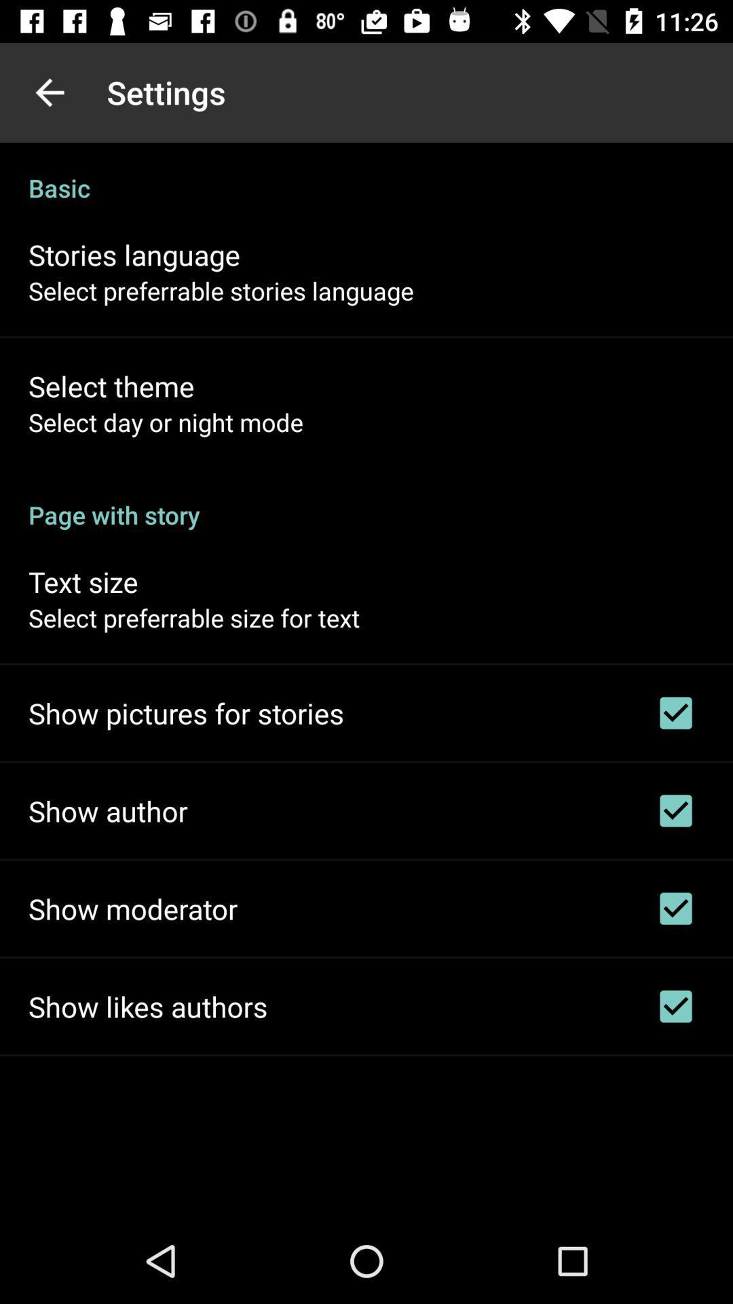 The width and height of the screenshot is (733, 1304). I want to click on show likes authors item, so click(148, 1007).